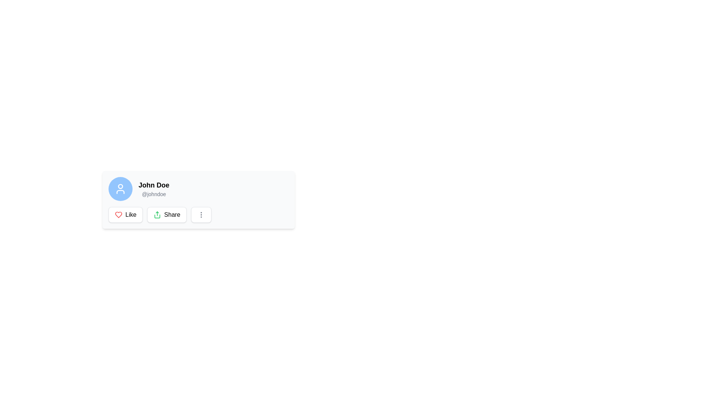  What do you see at coordinates (153, 185) in the screenshot?
I see `the user name text element displaying 'John Doe' within the layout card, which is positioned next to the profile image` at bounding box center [153, 185].